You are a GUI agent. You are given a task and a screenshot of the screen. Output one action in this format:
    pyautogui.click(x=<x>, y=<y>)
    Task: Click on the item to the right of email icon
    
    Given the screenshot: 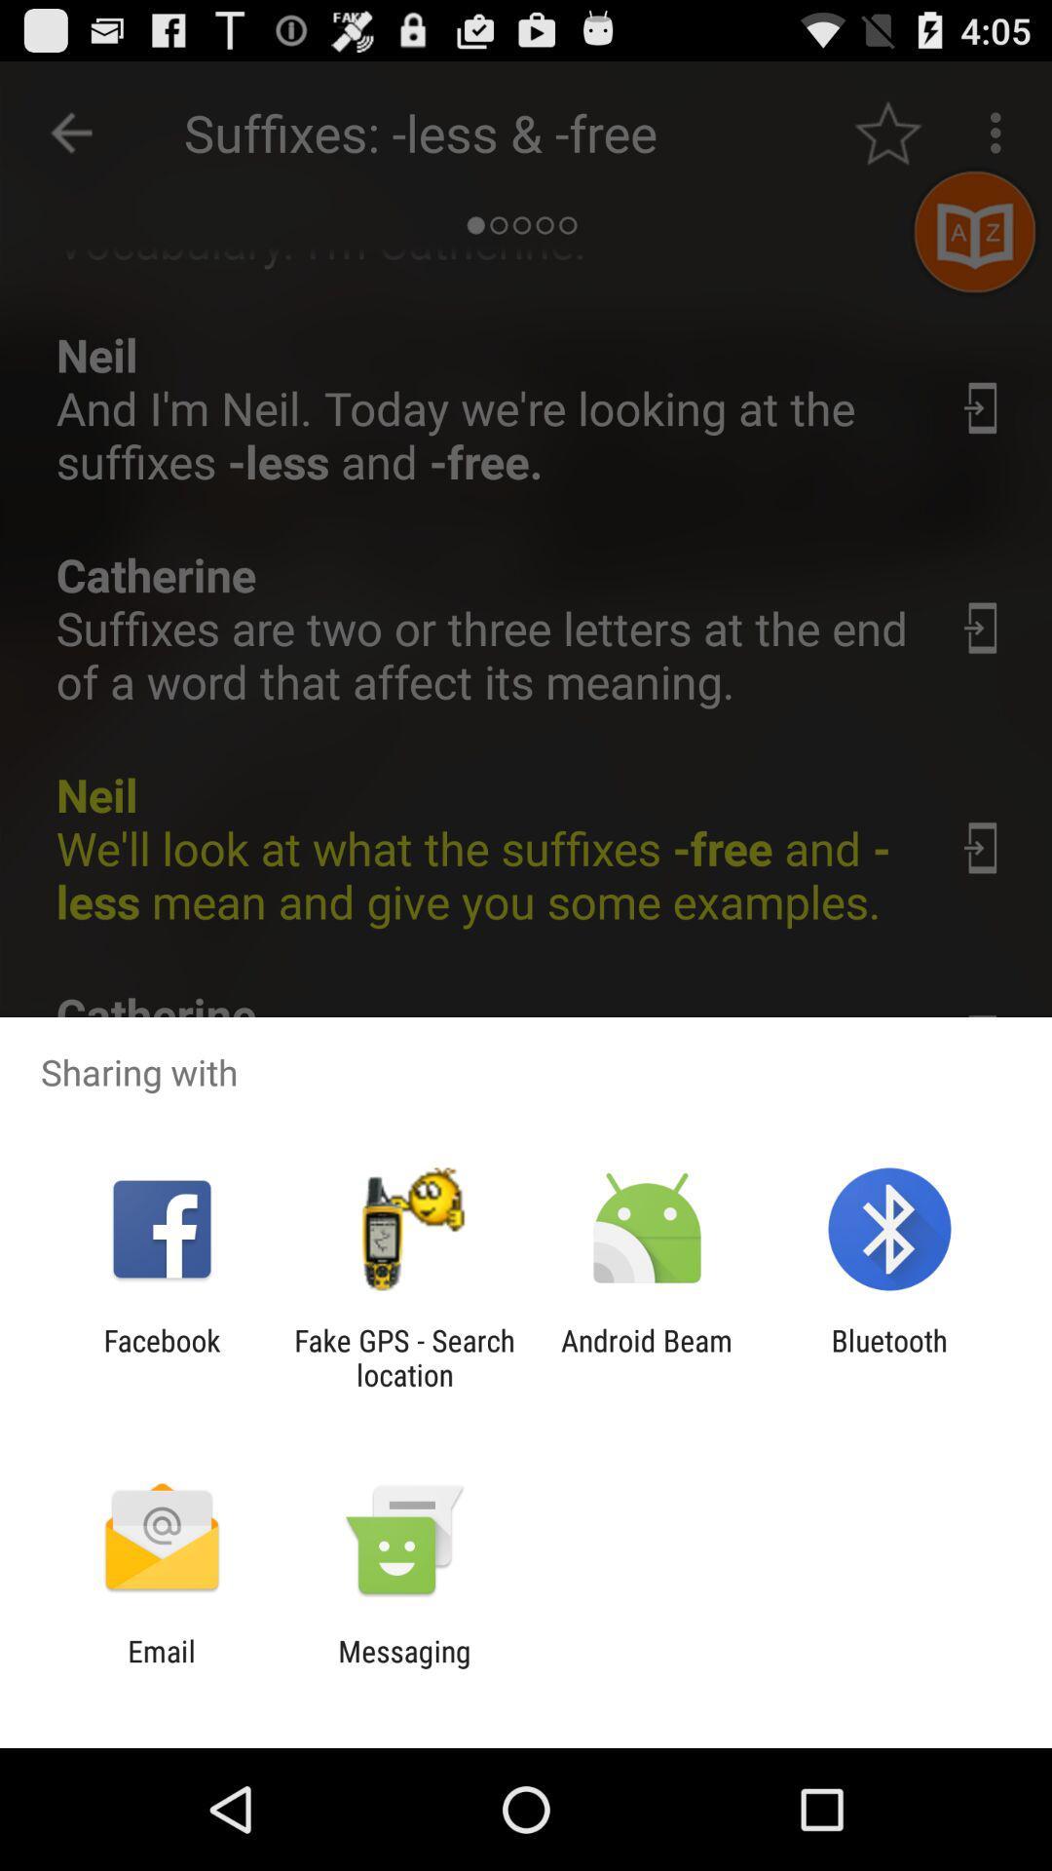 What is the action you would take?
    pyautogui.click(x=403, y=1667)
    